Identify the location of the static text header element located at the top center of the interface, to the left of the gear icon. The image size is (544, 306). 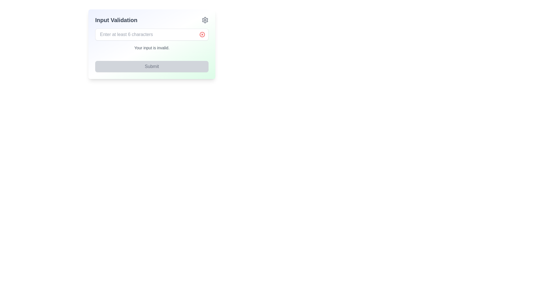
(116, 20).